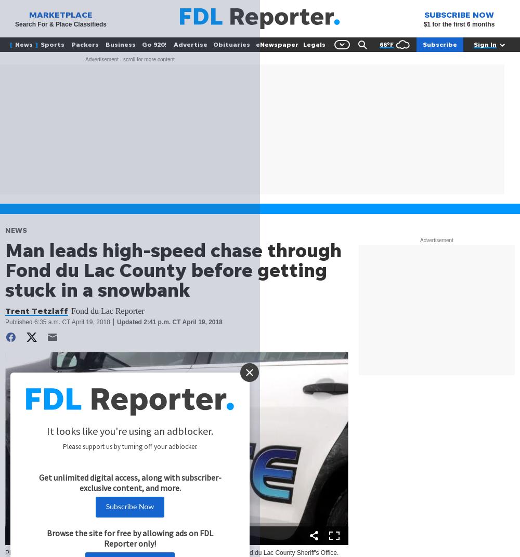 Image resolution: width=520 pixels, height=557 pixels. I want to click on 'Obituaries', so click(231, 44).